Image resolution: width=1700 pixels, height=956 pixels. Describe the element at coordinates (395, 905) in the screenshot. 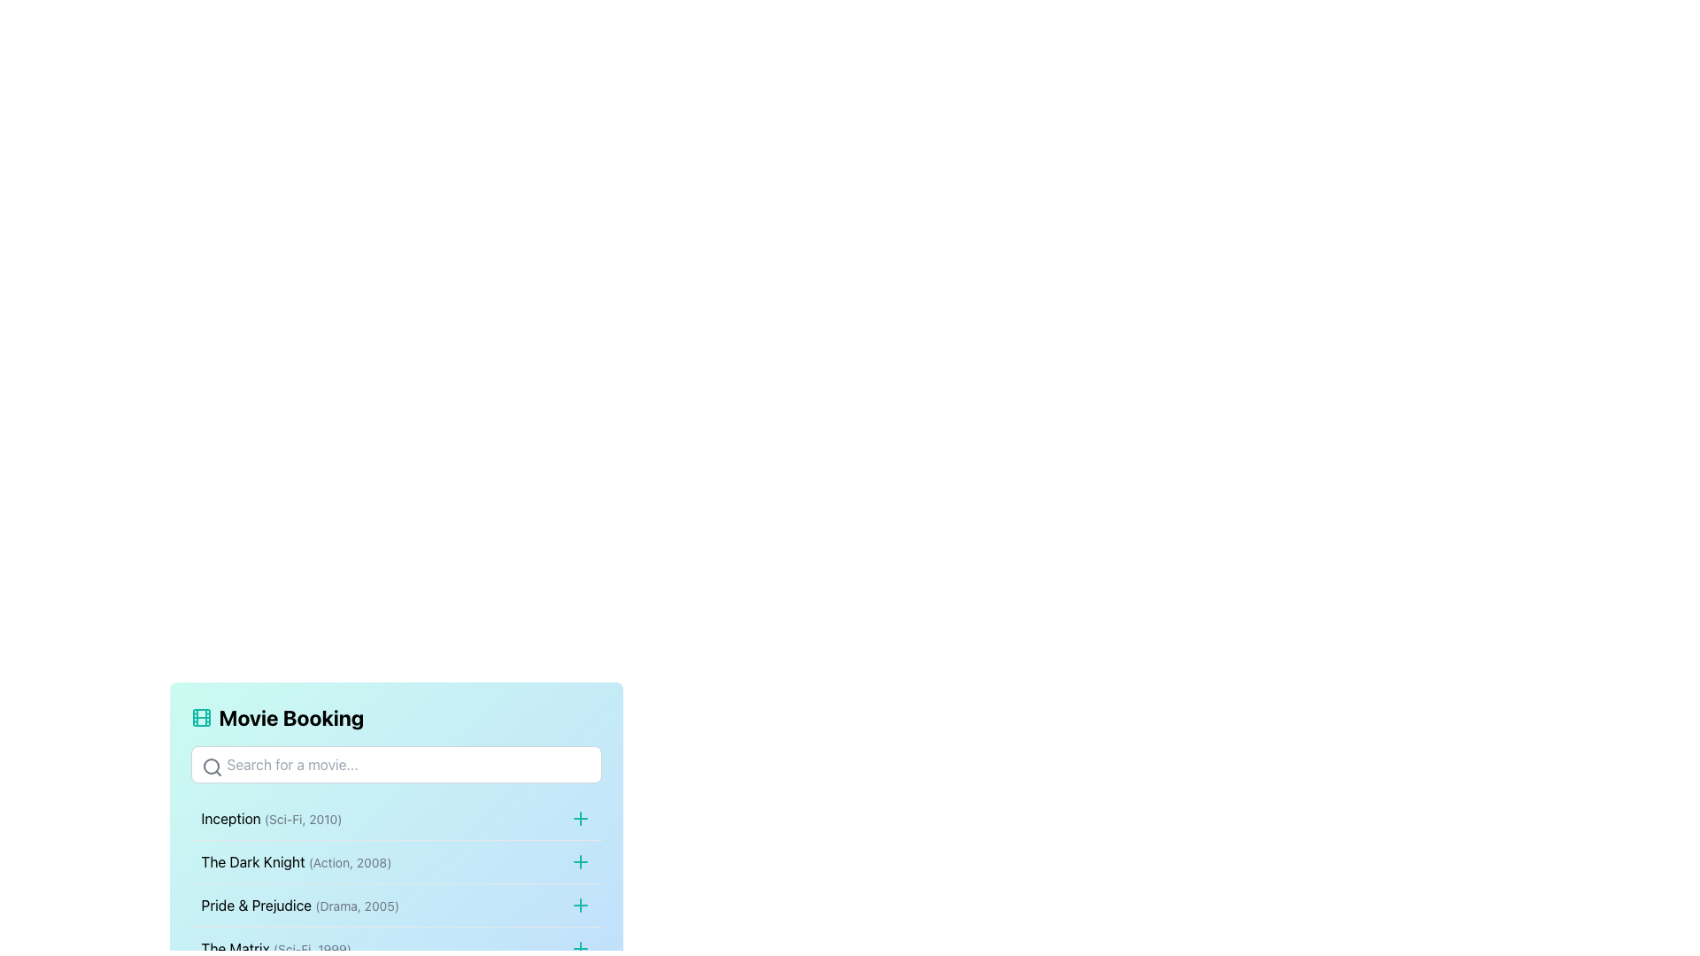

I see `the teal plus icon on the right side of the selectable list item labeled 'Pride & Prejudice (Drama, 2005)'` at that location.